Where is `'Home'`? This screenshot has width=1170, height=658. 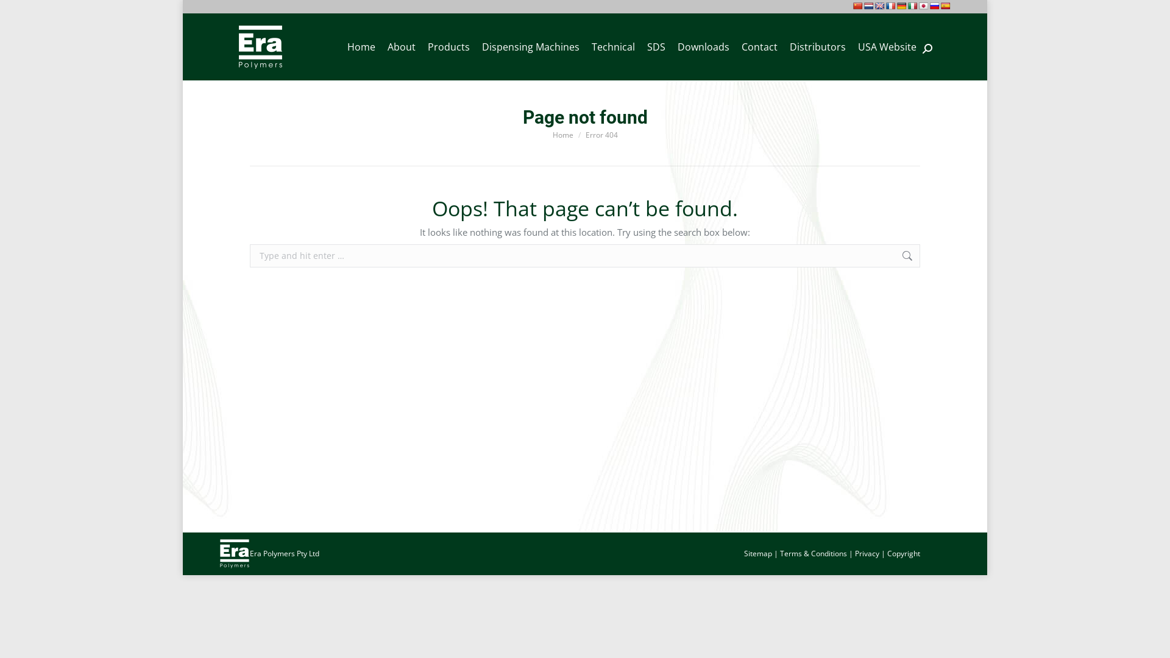
'Home' is located at coordinates (361, 46).